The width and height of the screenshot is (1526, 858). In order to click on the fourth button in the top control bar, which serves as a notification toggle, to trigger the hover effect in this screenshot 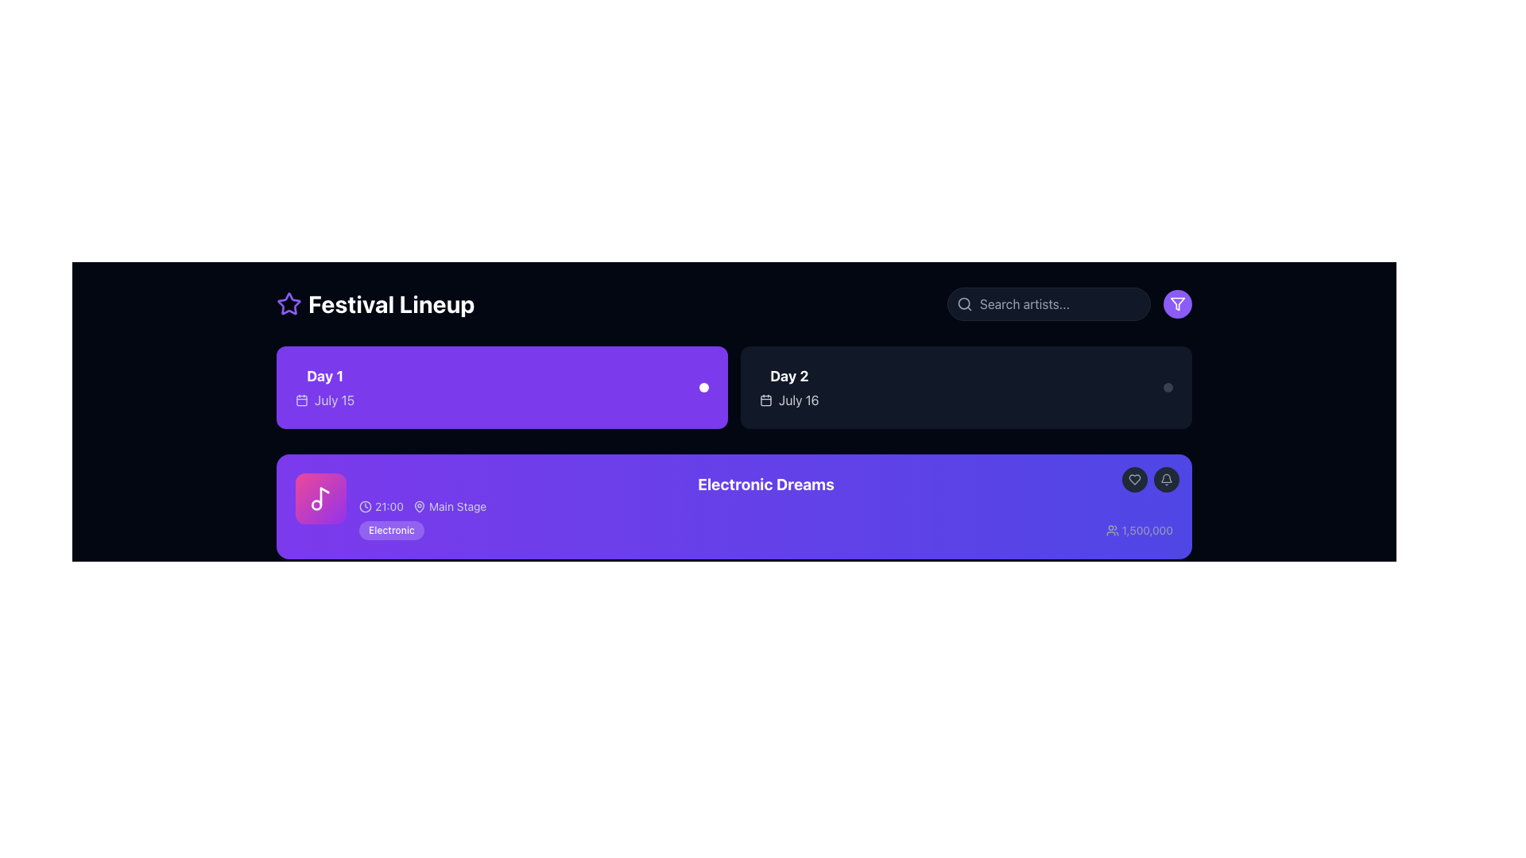, I will do `click(1167, 479)`.